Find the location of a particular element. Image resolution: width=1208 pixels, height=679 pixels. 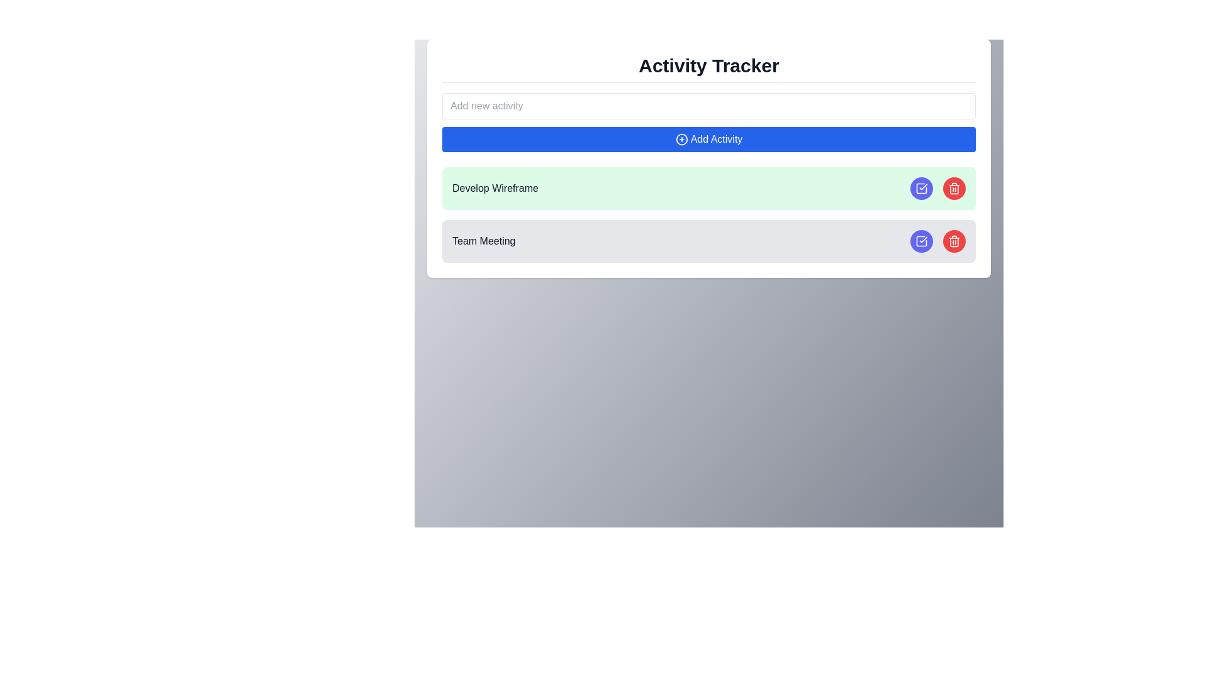

the circular red button with a white trash can icon located on the right side of the 'Team Meeting' row is located at coordinates (954, 241).